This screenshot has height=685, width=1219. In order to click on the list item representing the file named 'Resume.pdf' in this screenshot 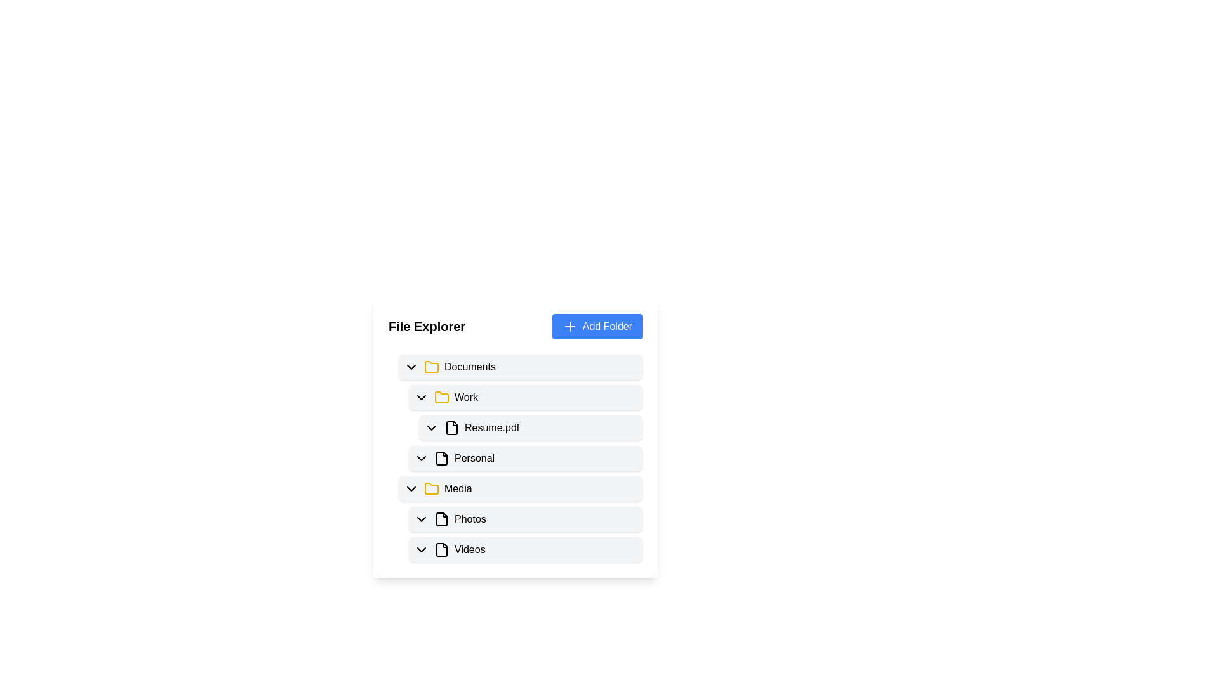, I will do `click(515, 437)`.